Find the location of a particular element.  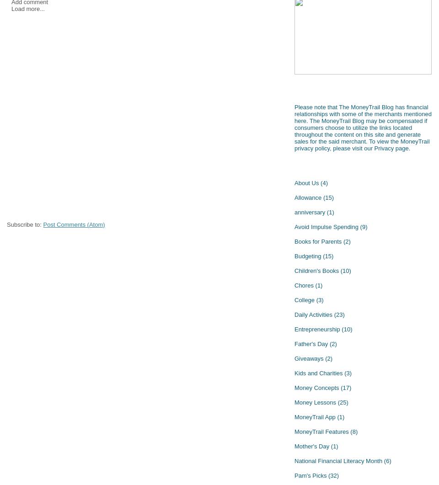

'Load more...' is located at coordinates (28, 9).